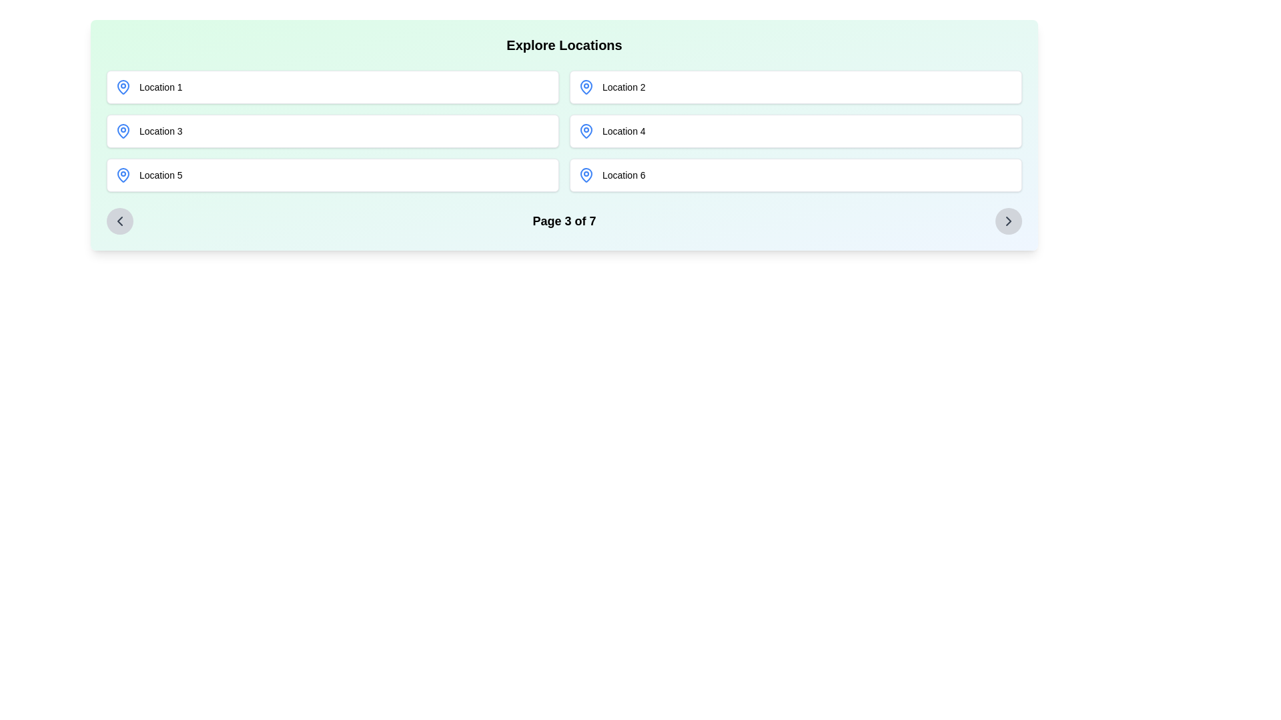 This screenshot has width=1281, height=720. What do you see at coordinates (586, 131) in the screenshot?
I see `the blue map pin icon located next to the text 'Location 4' in the middle-right quadrant of the interface` at bounding box center [586, 131].